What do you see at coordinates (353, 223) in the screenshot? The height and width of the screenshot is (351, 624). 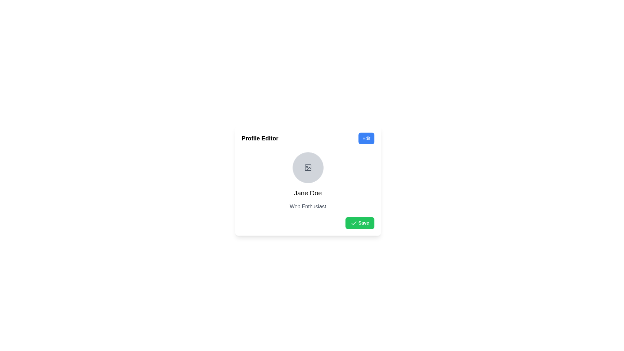 I see `the 'Save' button located at the bottom-right corner of the profile editor card, which contains the affirmative action icon for saving` at bounding box center [353, 223].